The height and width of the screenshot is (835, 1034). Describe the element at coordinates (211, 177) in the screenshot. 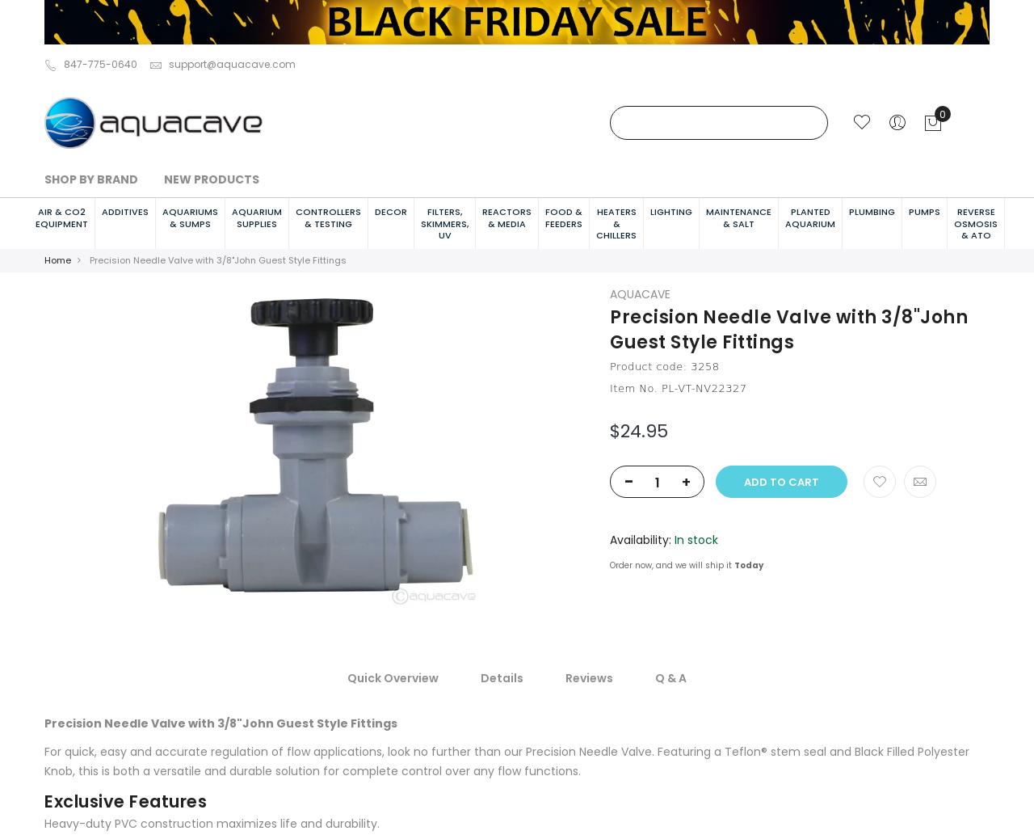

I see `'NEW PRODUCTS'` at that location.